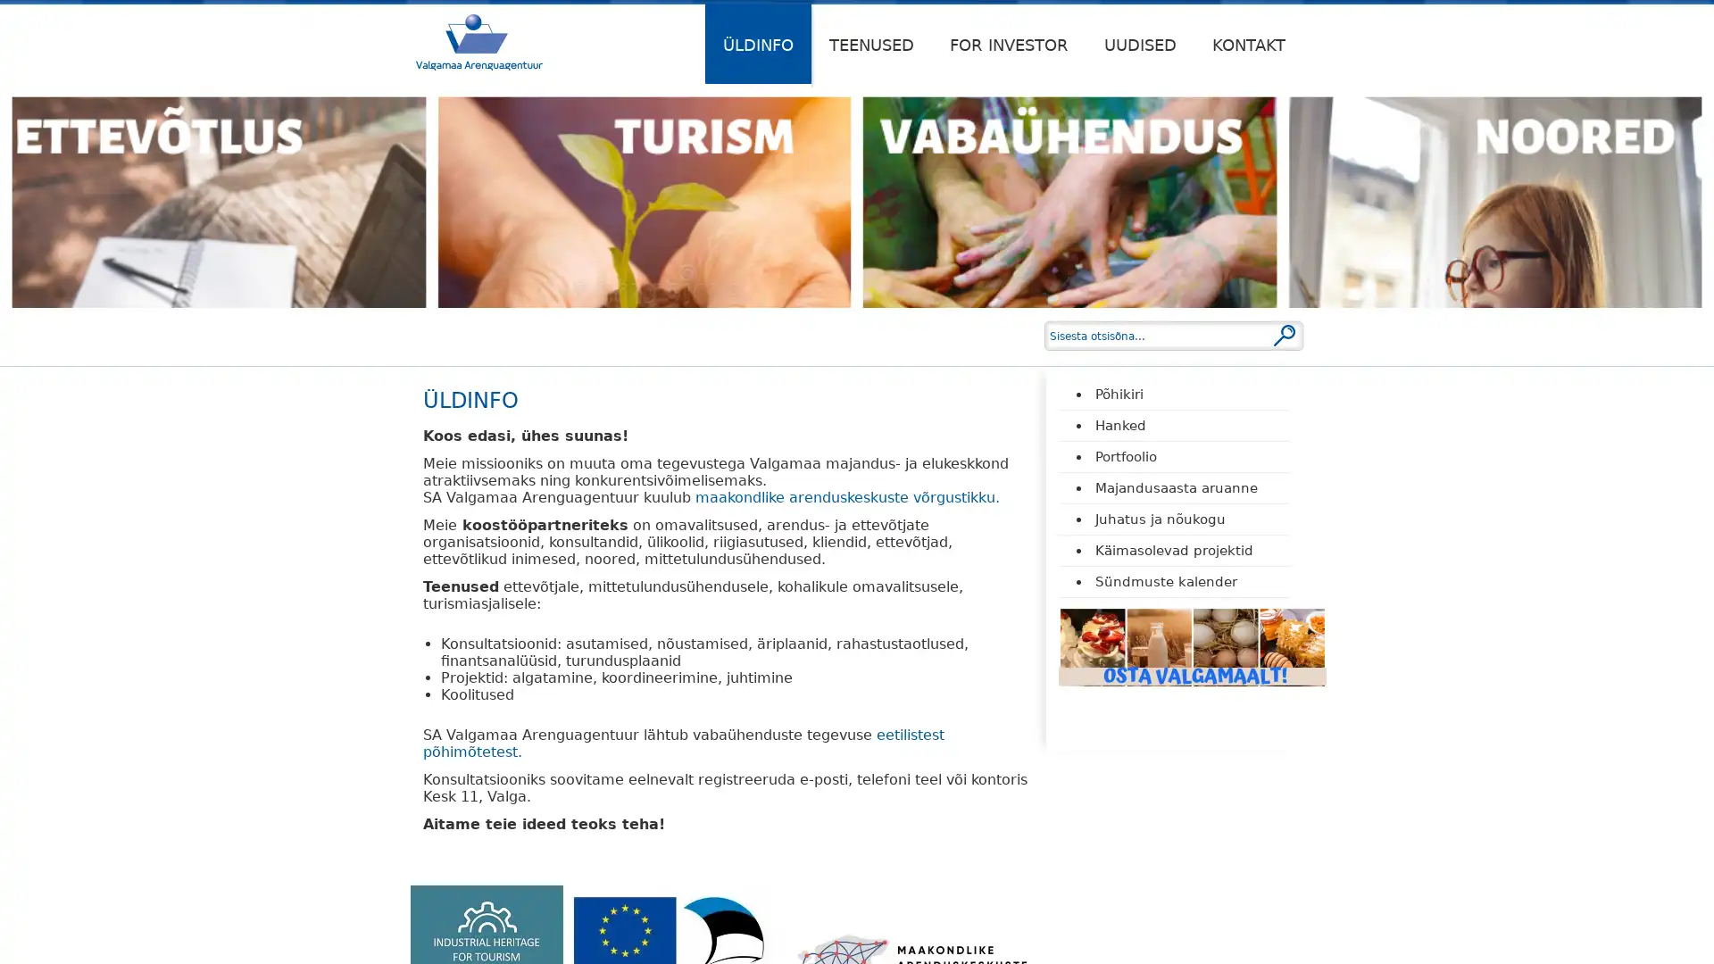 This screenshot has height=964, width=1714. Describe the element at coordinates (1284, 335) in the screenshot. I see `Otsi` at that location.